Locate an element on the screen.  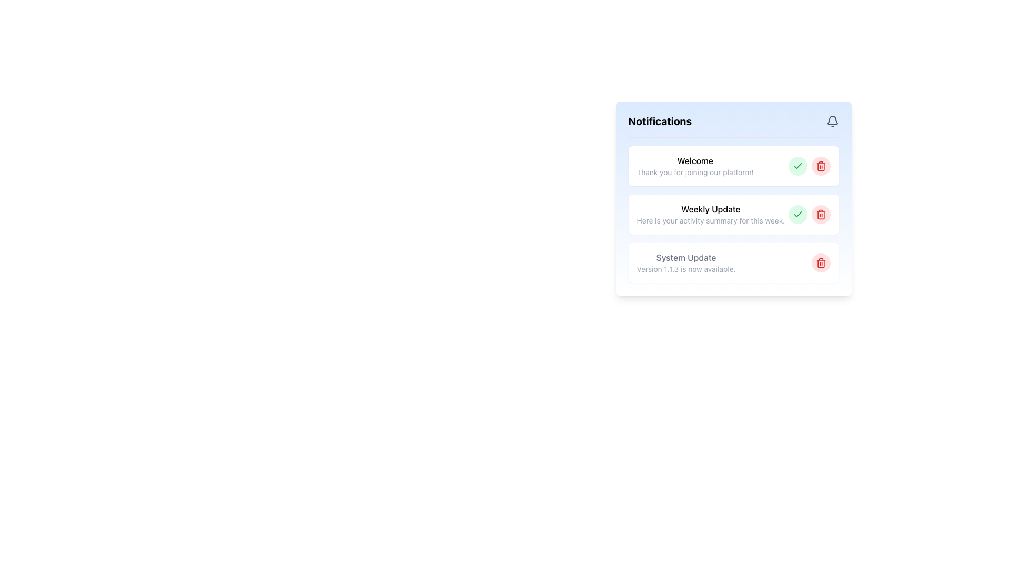
the 'System Update' text block is located at coordinates (686, 262).